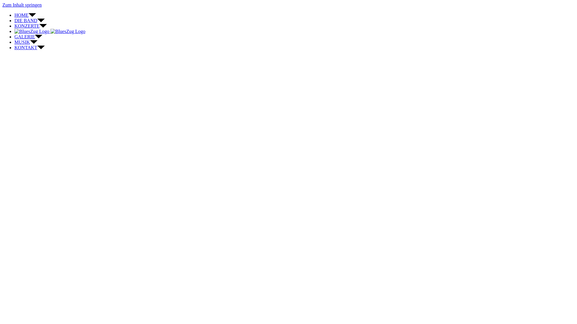  Describe the element at coordinates (29, 20) in the screenshot. I see `'DIE BAND'` at that location.